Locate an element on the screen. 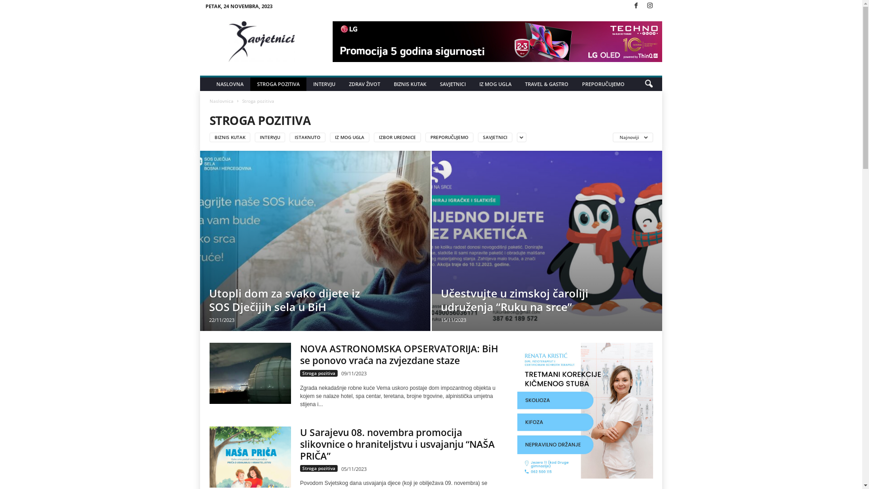 This screenshot has height=489, width=869. 'Naslovnica' is located at coordinates (221, 101).